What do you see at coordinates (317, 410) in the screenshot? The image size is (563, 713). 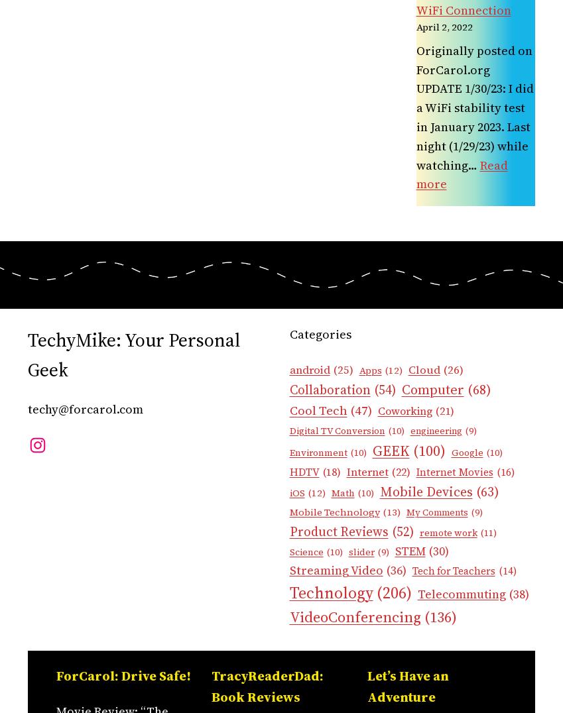 I see `'Cool Tech'` at bounding box center [317, 410].